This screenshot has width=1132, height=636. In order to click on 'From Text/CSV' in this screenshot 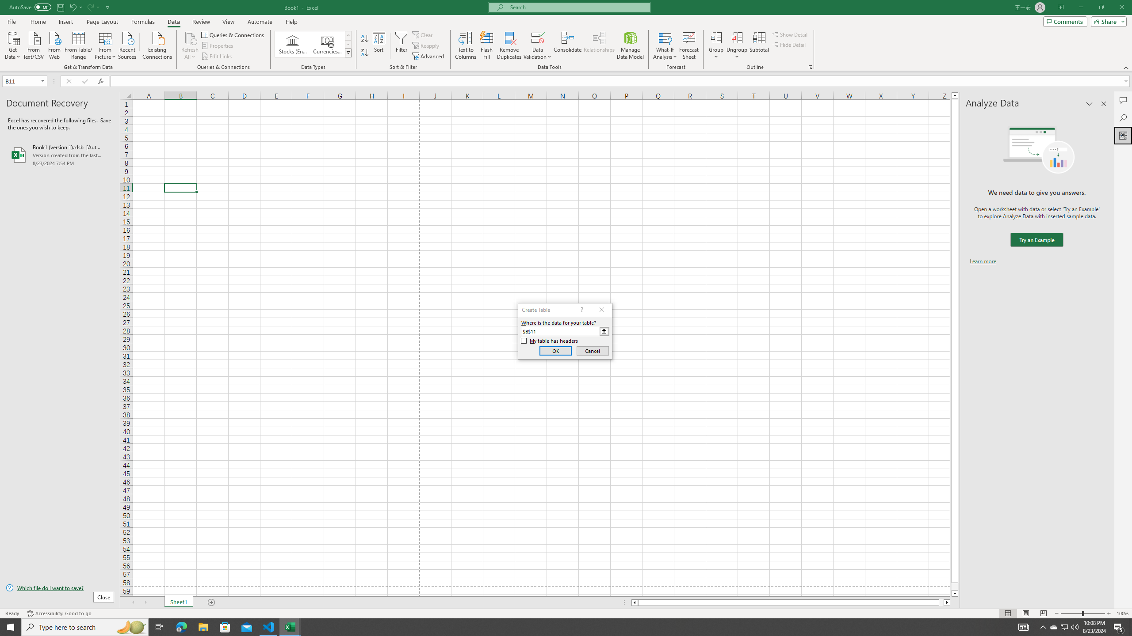, I will do `click(34, 44)`.